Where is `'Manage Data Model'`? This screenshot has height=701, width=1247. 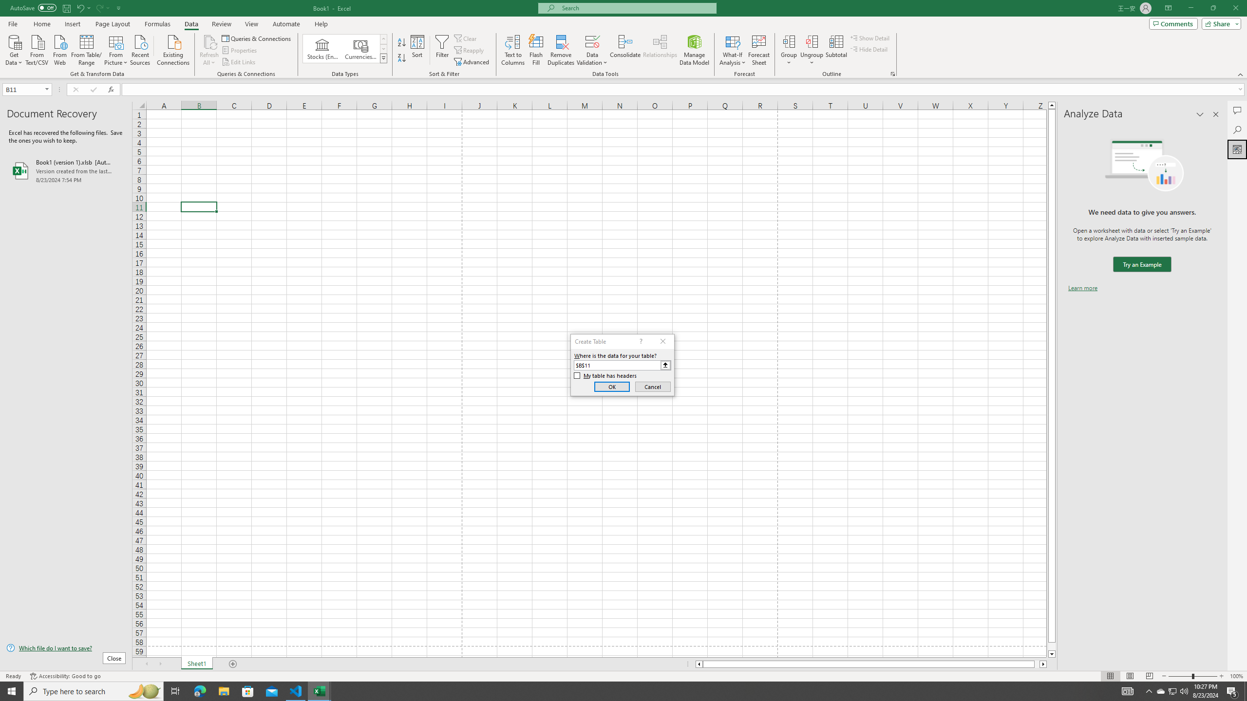 'Manage Data Model' is located at coordinates (694, 50).